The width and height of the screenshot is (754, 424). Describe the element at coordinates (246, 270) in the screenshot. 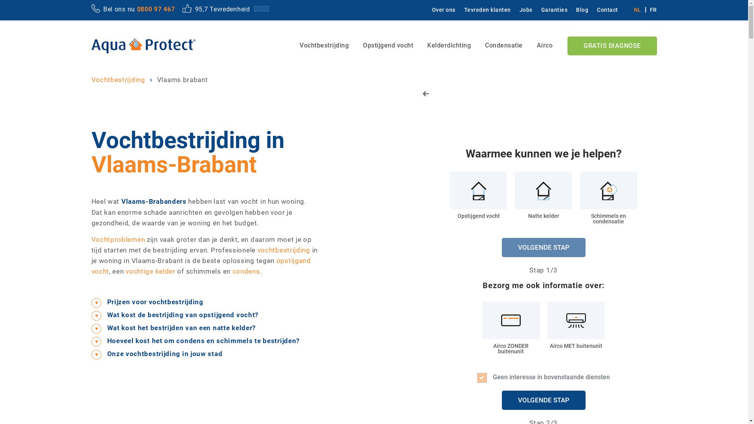

I see `'condens'` at that location.